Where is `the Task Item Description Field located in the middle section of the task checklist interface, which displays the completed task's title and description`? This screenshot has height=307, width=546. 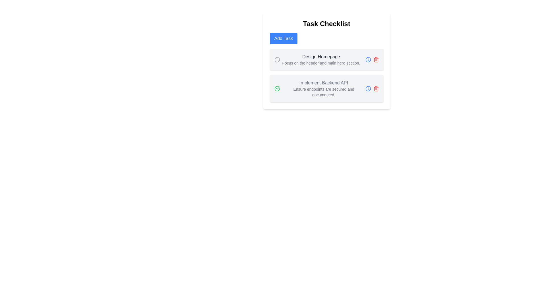 the Task Item Description Field located in the middle section of the task checklist interface, which displays the completed task's title and description is located at coordinates (320, 89).